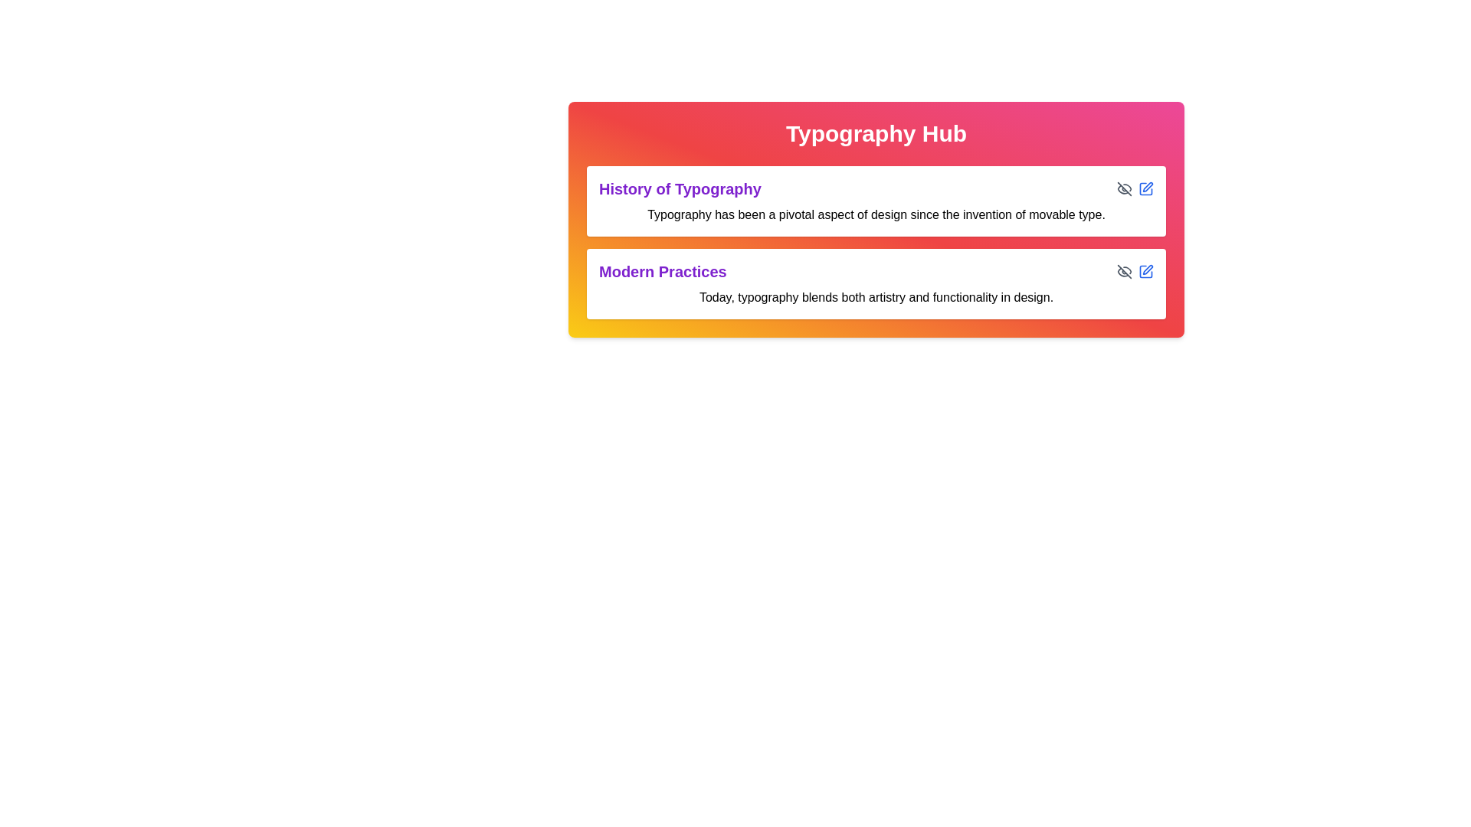 The width and height of the screenshot is (1471, 827). What do you see at coordinates (1125, 188) in the screenshot?
I see `the 'eye-off' icon button in the lower row of the vertical list` at bounding box center [1125, 188].